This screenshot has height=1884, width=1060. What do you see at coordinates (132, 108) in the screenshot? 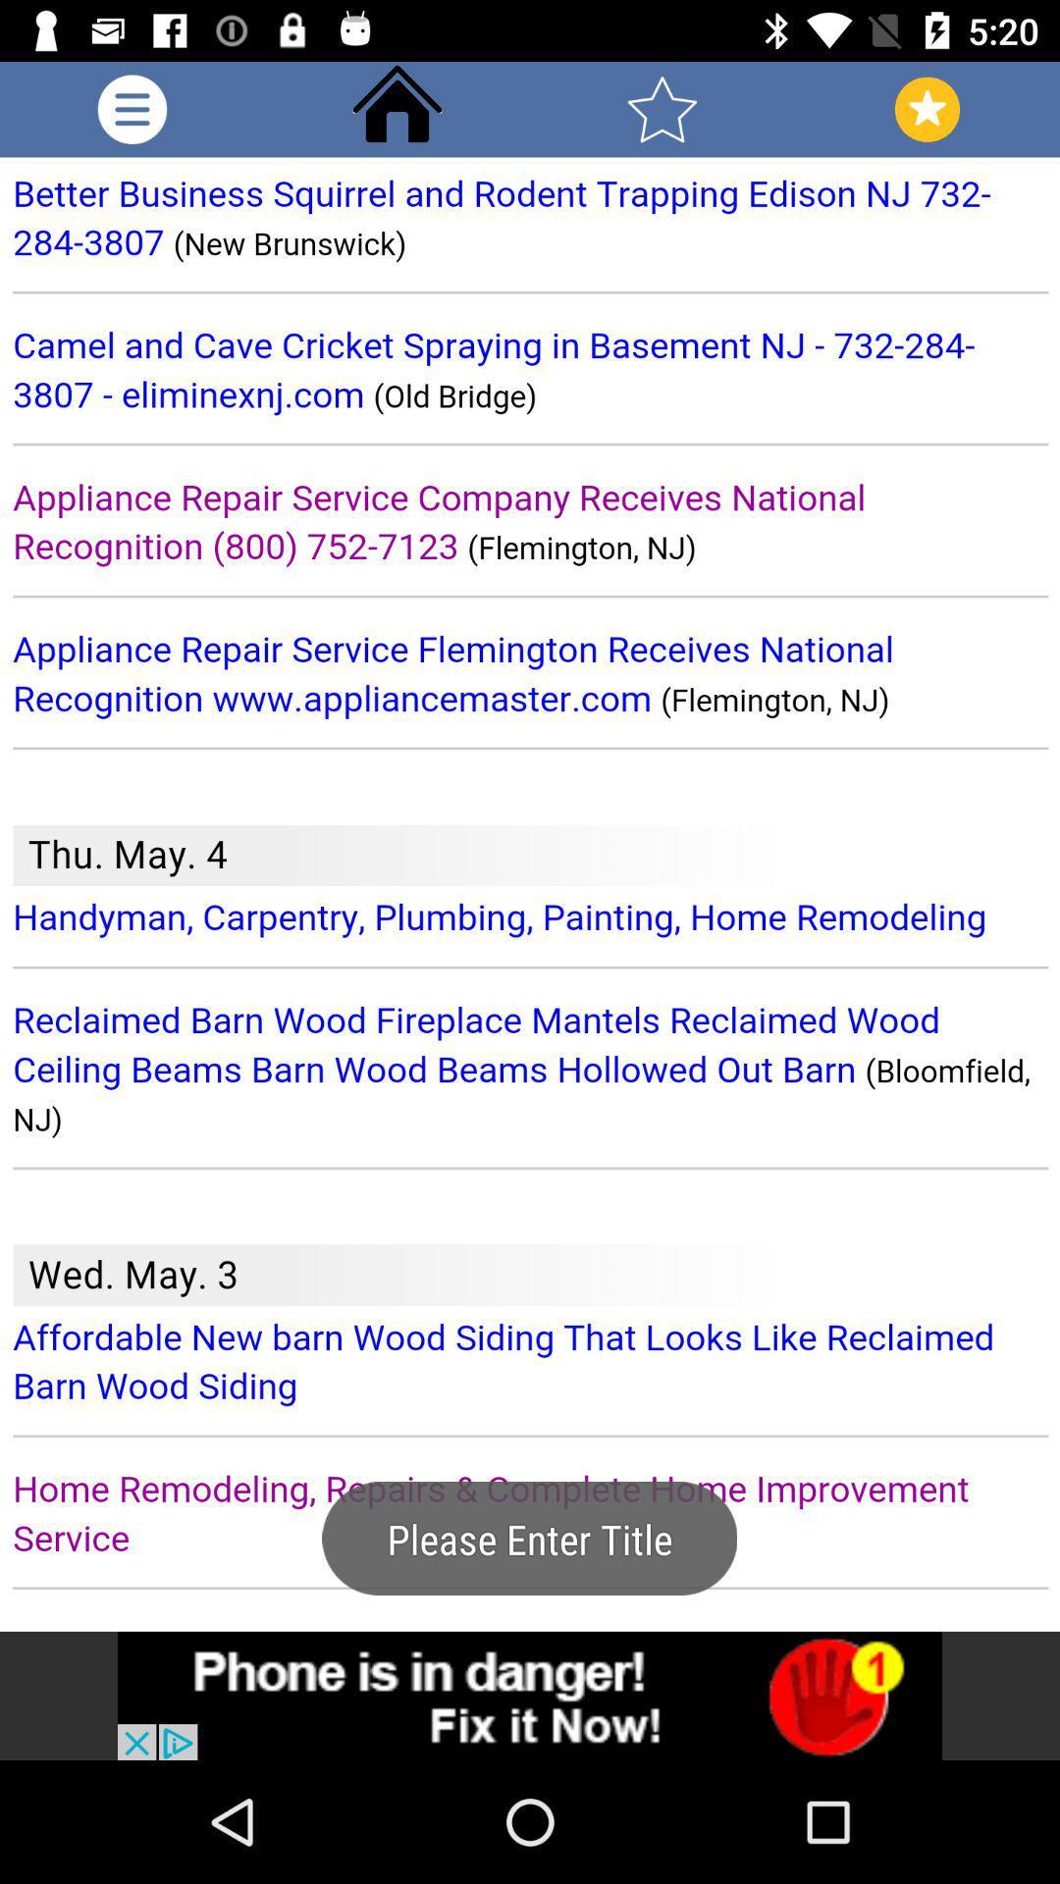
I see `open menu` at bounding box center [132, 108].